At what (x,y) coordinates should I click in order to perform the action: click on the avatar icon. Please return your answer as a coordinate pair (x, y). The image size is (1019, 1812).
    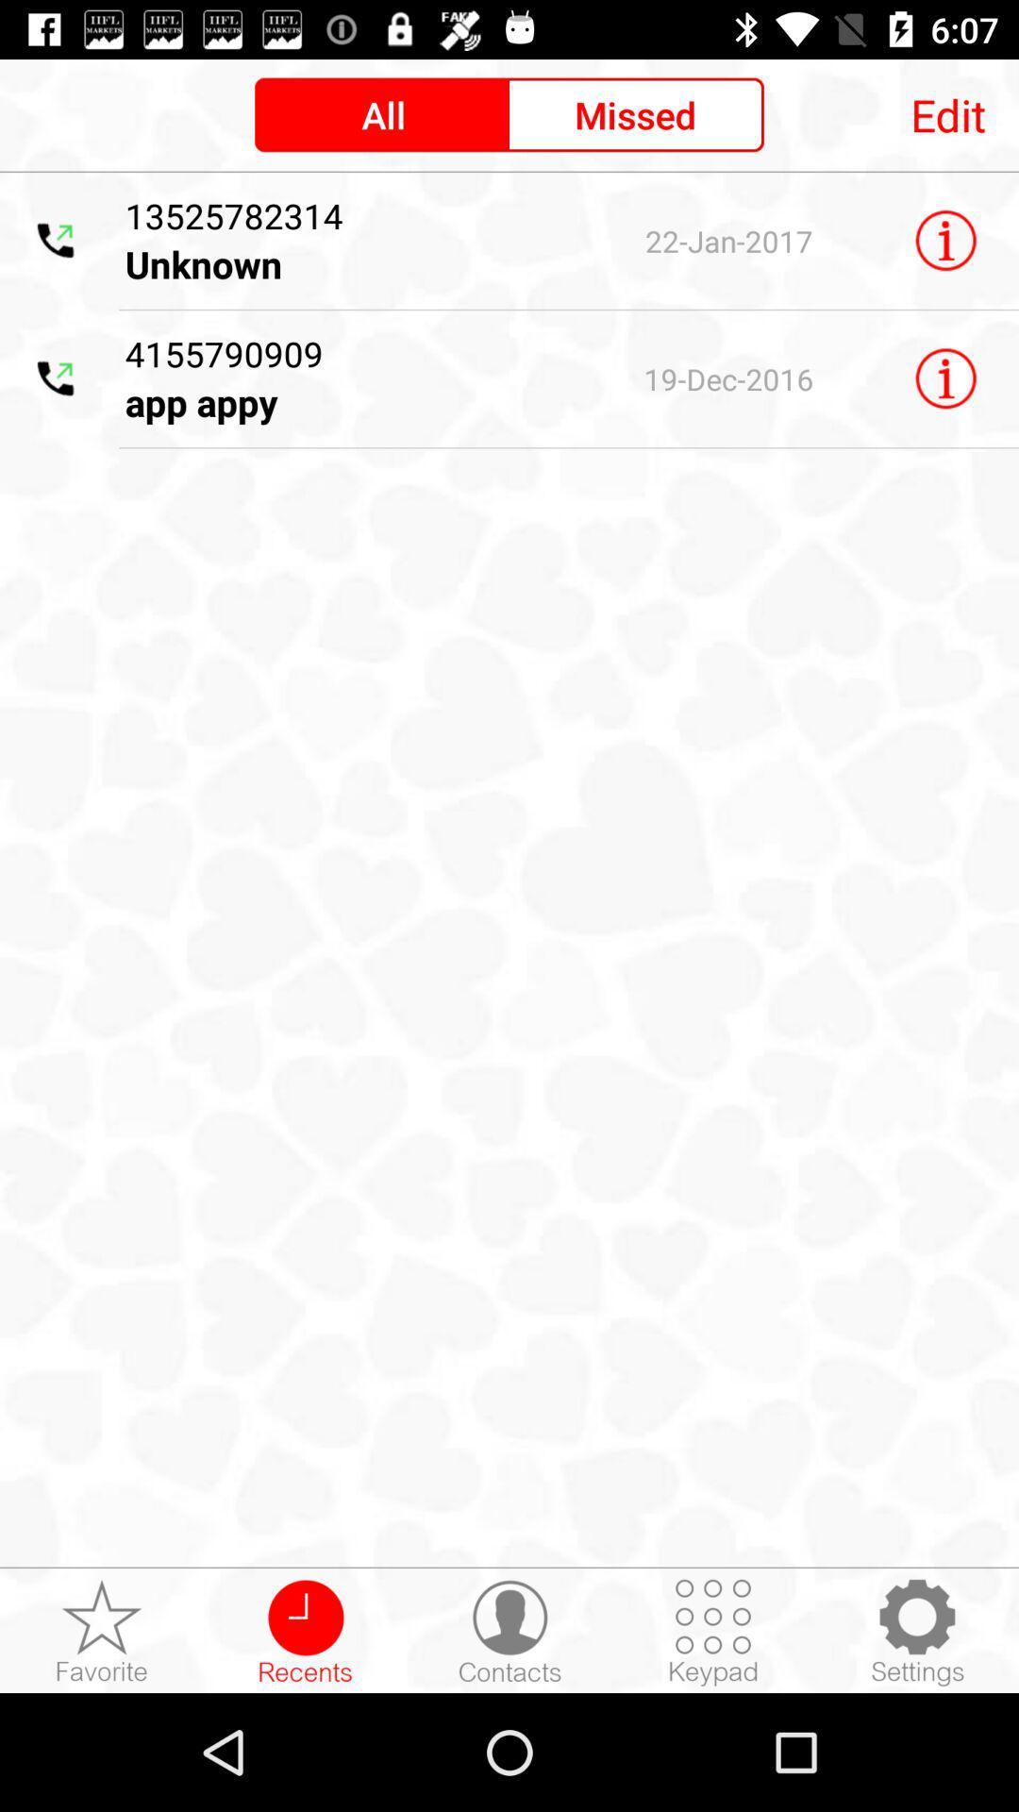
    Looking at the image, I should click on (509, 1631).